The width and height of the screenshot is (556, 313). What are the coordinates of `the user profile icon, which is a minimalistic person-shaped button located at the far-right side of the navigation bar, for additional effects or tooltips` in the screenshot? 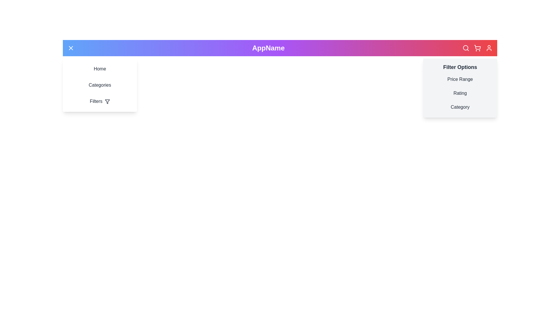 It's located at (489, 48).